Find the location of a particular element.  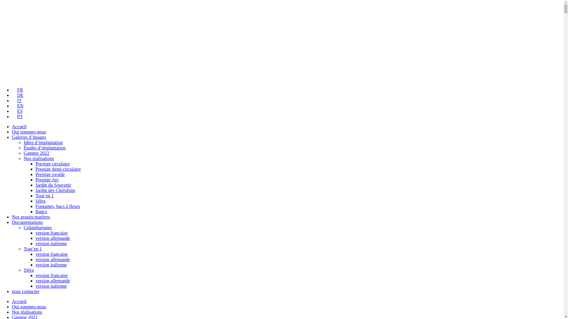

'DE' is located at coordinates (17, 95).